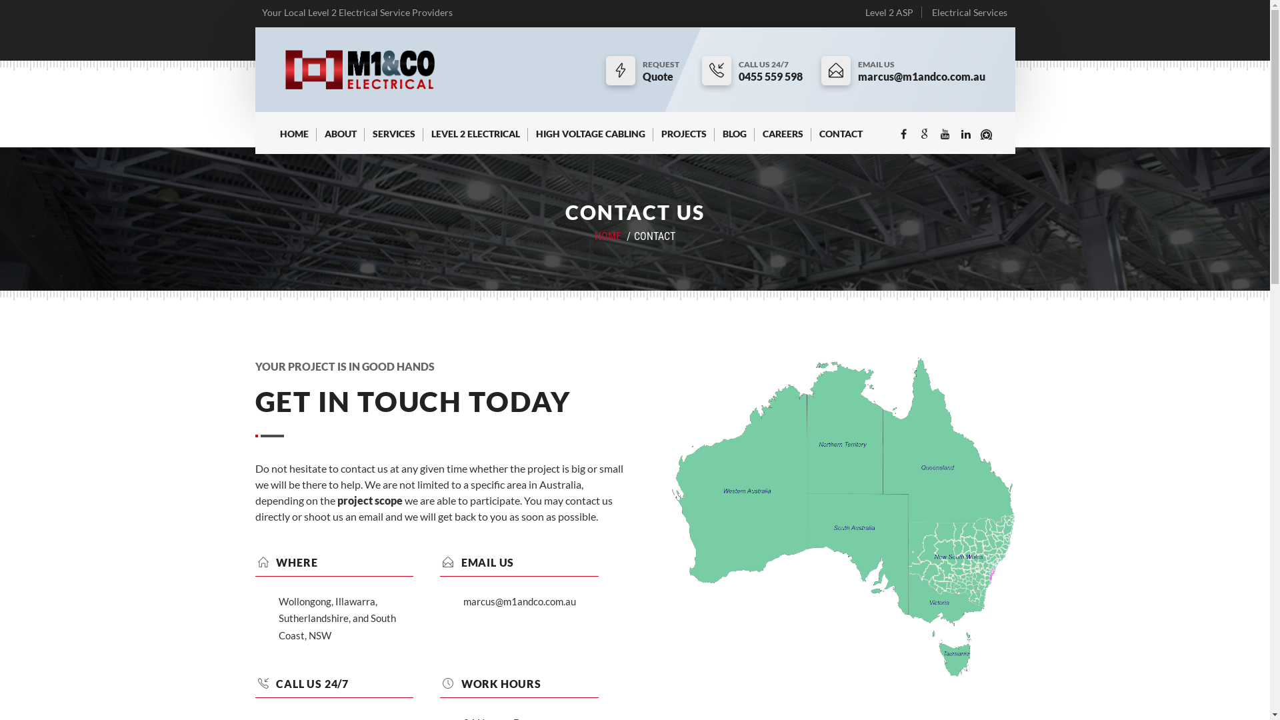  What do you see at coordinates (663, 77) in the screenshot?
I see `'Quote'` at bounding box center [663, 77].